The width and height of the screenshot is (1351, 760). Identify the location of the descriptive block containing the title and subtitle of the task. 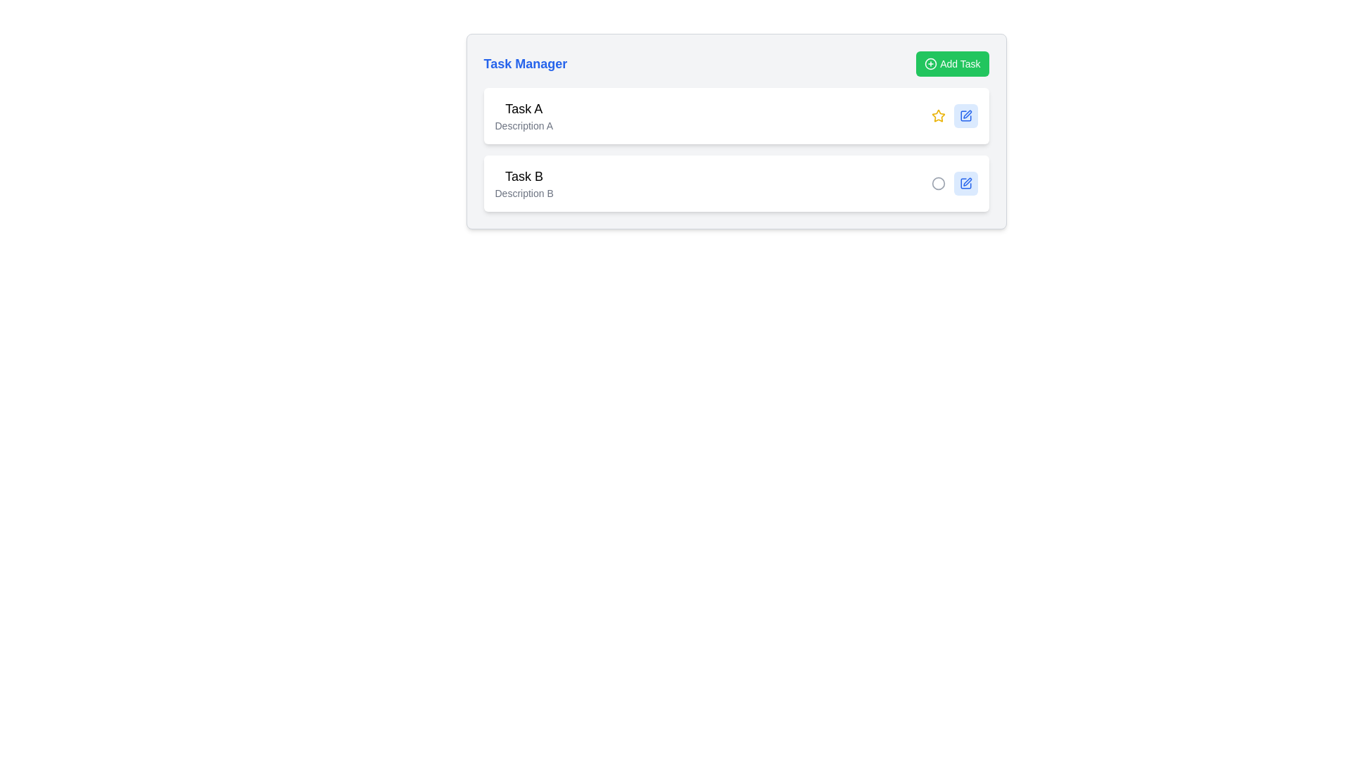
(523, 115).